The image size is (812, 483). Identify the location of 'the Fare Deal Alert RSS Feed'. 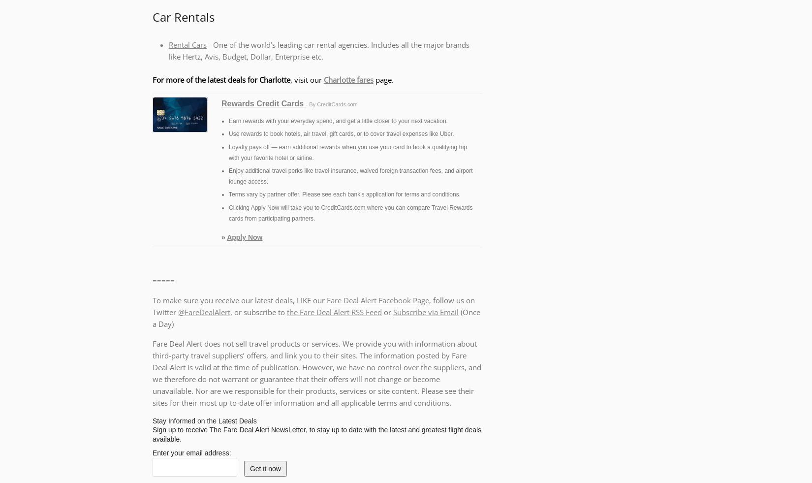
(334, 312).